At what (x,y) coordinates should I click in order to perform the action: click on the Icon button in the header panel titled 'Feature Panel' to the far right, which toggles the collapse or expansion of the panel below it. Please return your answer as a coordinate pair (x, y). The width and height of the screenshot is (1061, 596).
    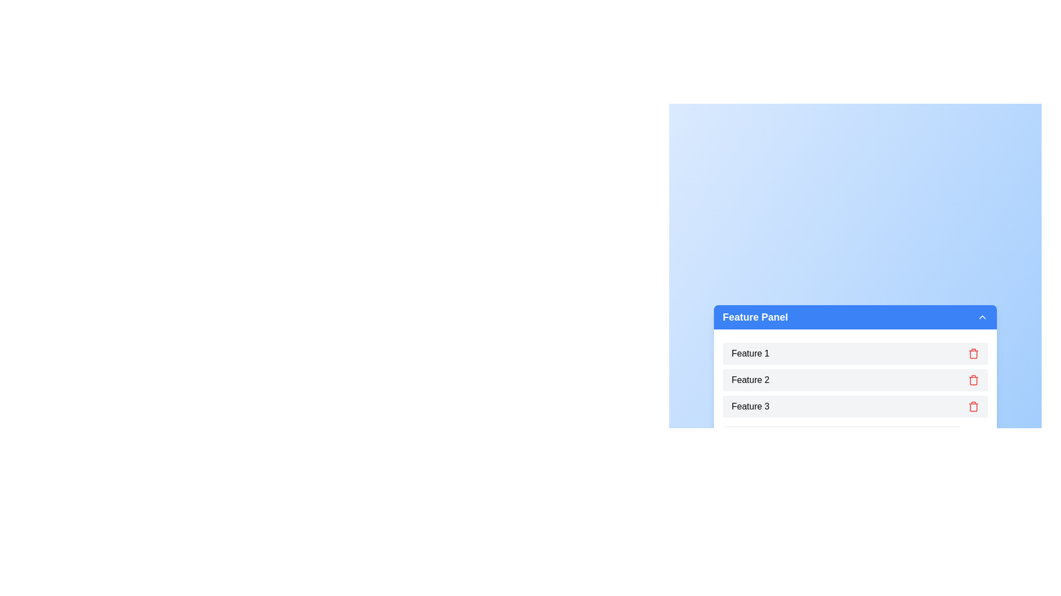
    Looking at the image, I should click on (982, 317).